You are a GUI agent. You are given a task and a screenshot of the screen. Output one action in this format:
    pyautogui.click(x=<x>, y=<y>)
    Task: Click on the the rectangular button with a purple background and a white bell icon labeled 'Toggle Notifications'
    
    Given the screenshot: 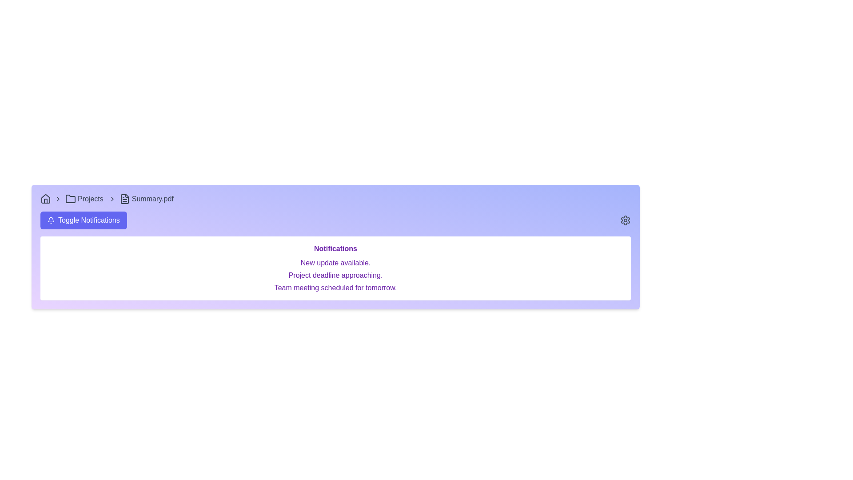 What is the action you would take?
    pyautogui.click(x=84, y=220)
    